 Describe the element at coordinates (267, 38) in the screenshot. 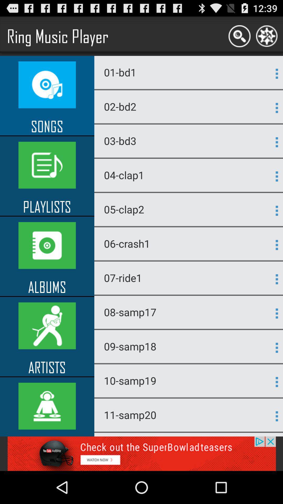

I see `the settings icon` at that location.